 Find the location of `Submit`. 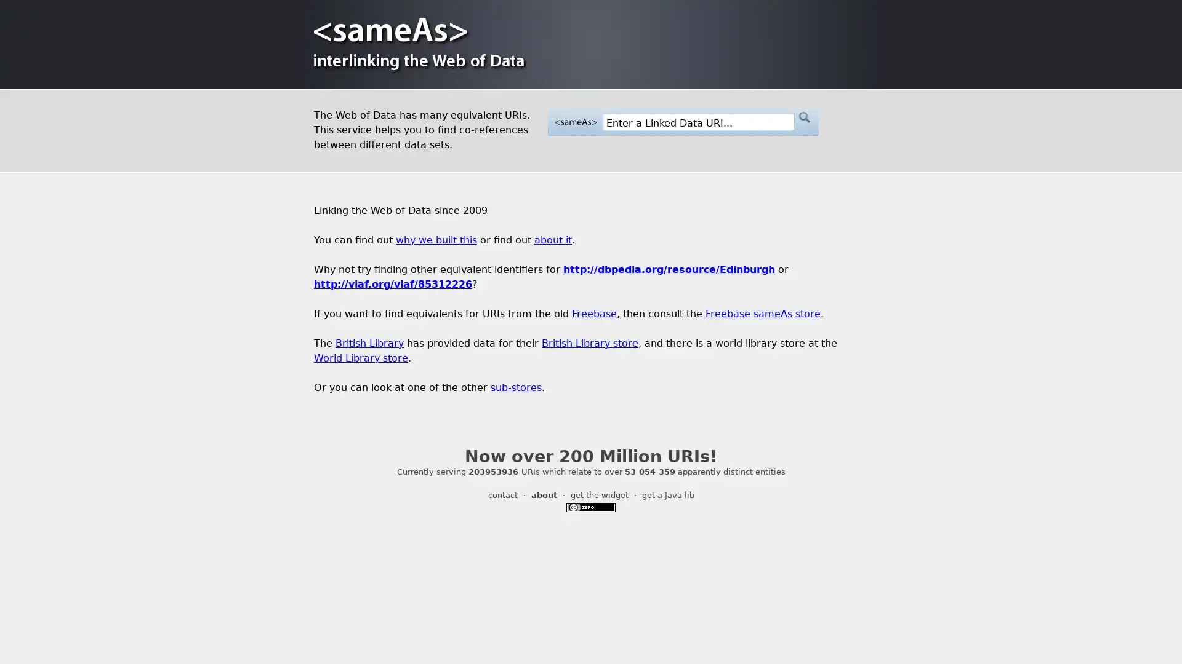

Submit is located at coordinates (803, 117).